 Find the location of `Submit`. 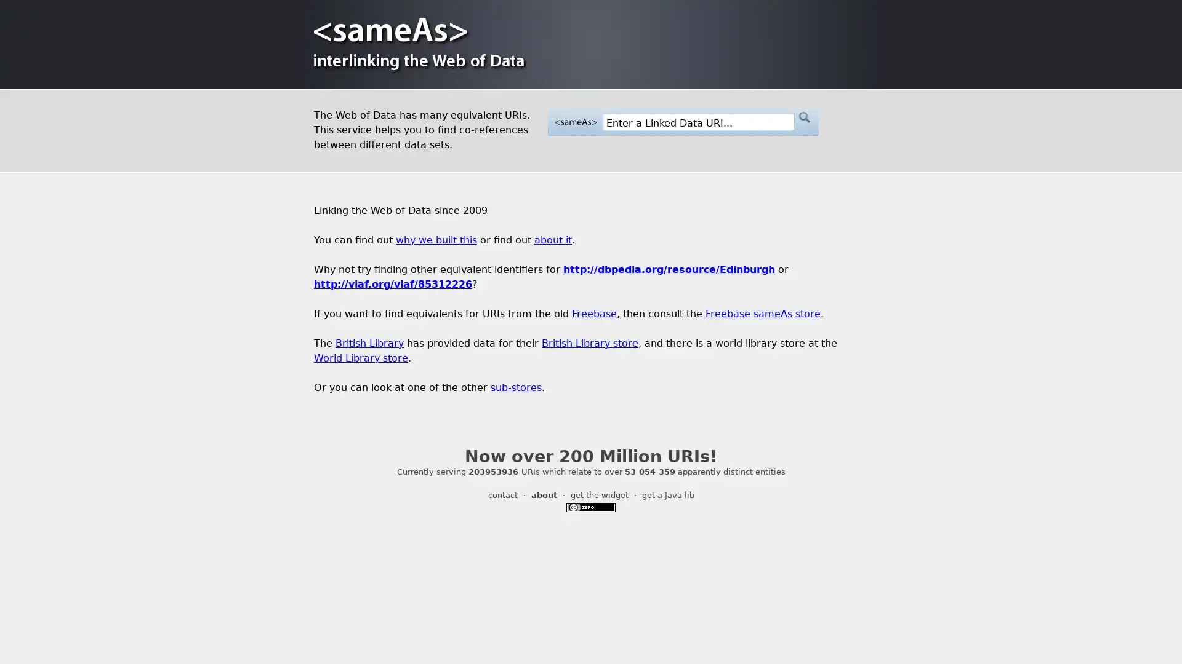

Submit is located at coordinates (803, 117).